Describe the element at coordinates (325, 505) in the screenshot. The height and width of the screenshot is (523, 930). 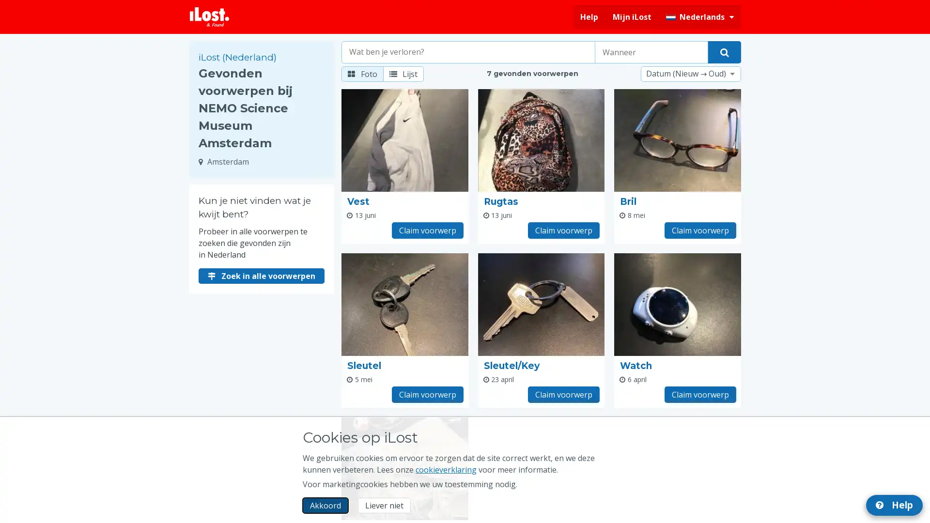
I see `Akkoord Ik accepteer het gebruik van marketingcookies` at that location.